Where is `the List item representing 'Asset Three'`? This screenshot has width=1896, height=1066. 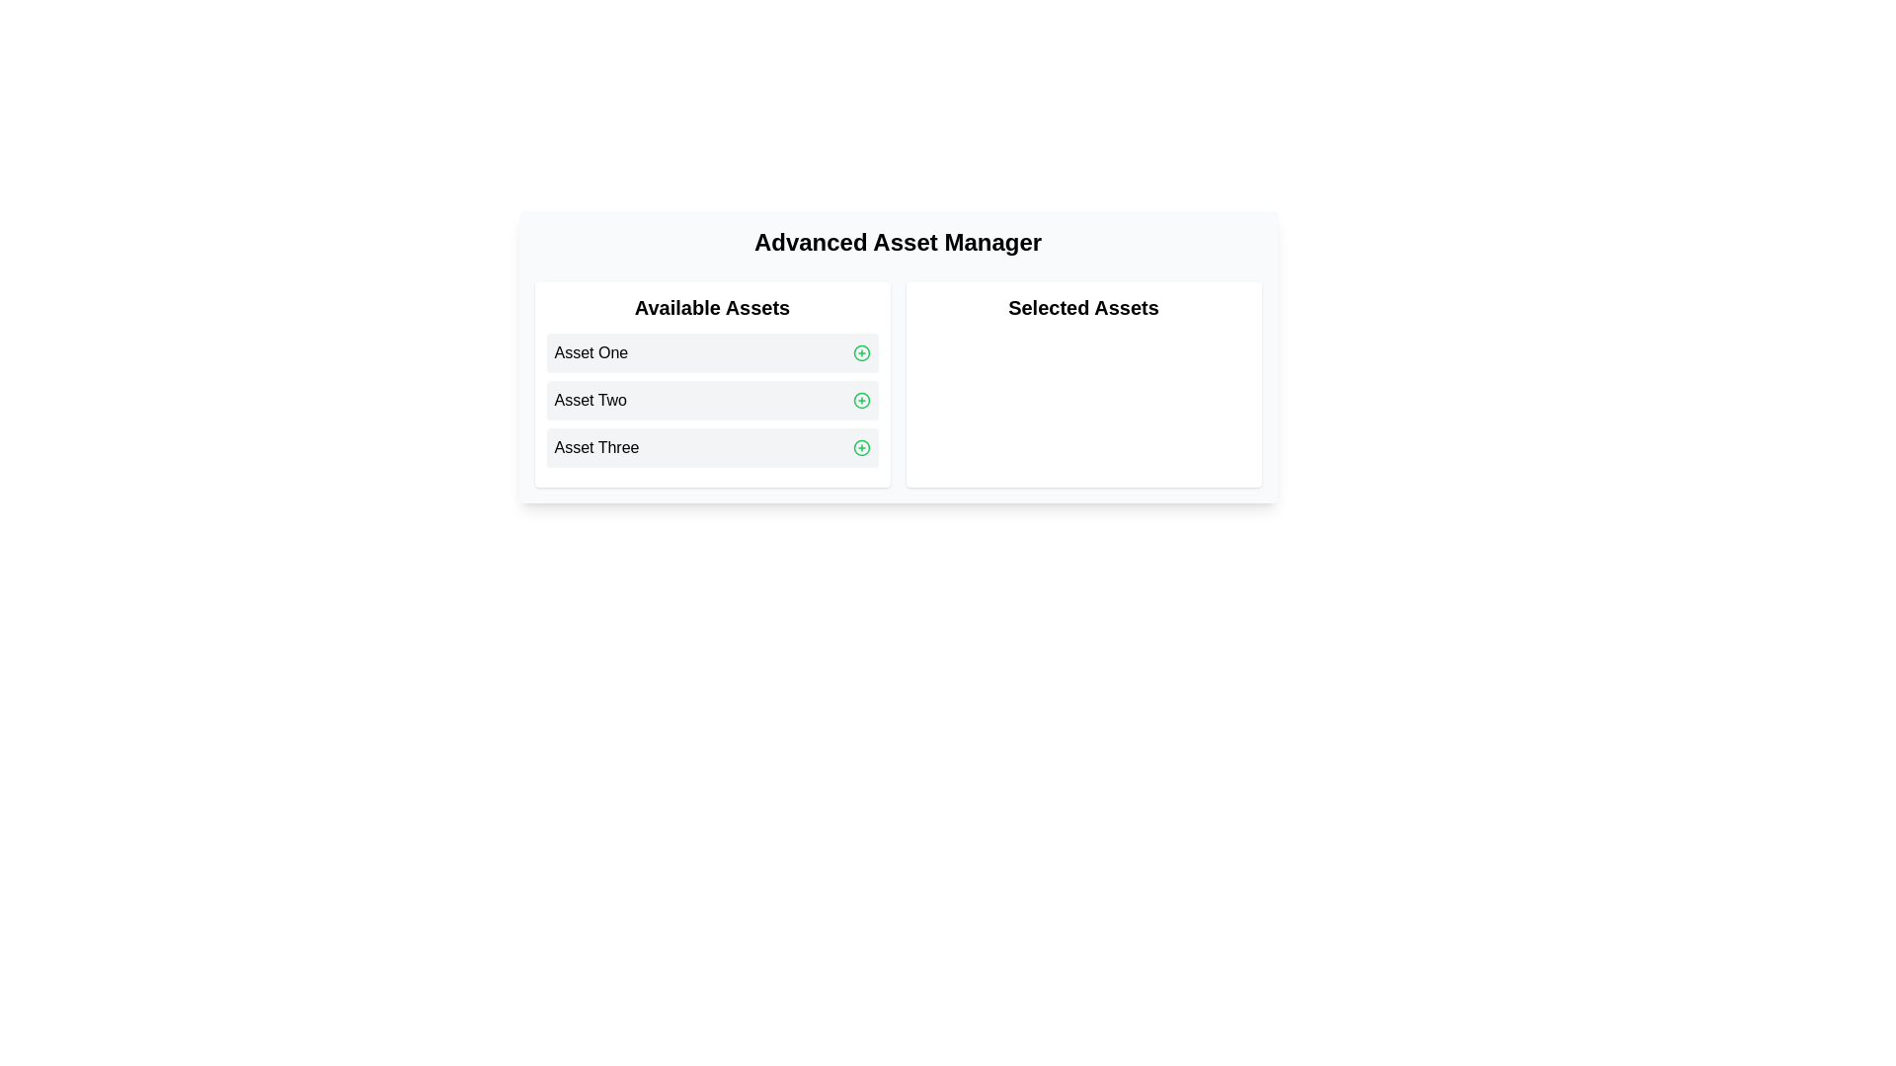
the List item representing 'Asset Three' is located at coordinates (711, 448).